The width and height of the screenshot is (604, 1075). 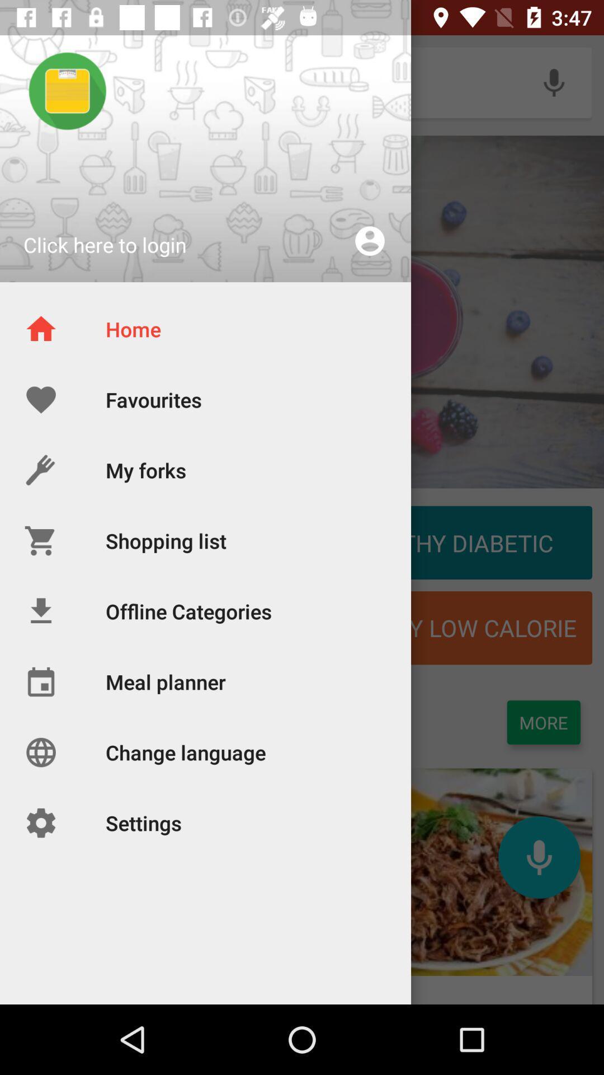 I want to click on green button at bottom right, so click(x=543, y=722).